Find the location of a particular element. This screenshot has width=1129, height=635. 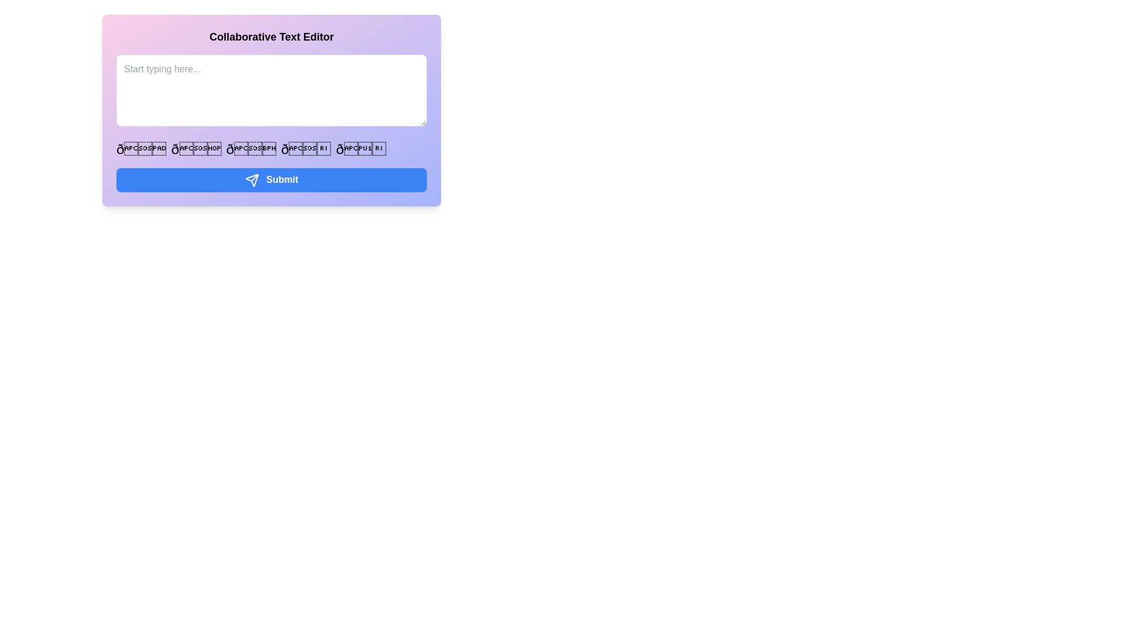

the paper plane icon within the 'Submit' button, which is located at the bottom center of the interface is located at coordinates (251, 180).